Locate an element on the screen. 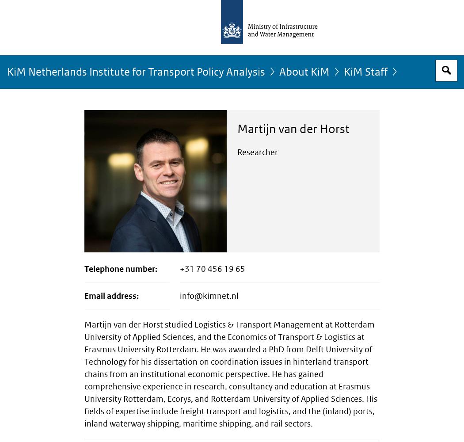 The height and width of the screenshot is (442, 464). 'KiM Staff' is located at coordinates (365, 72).